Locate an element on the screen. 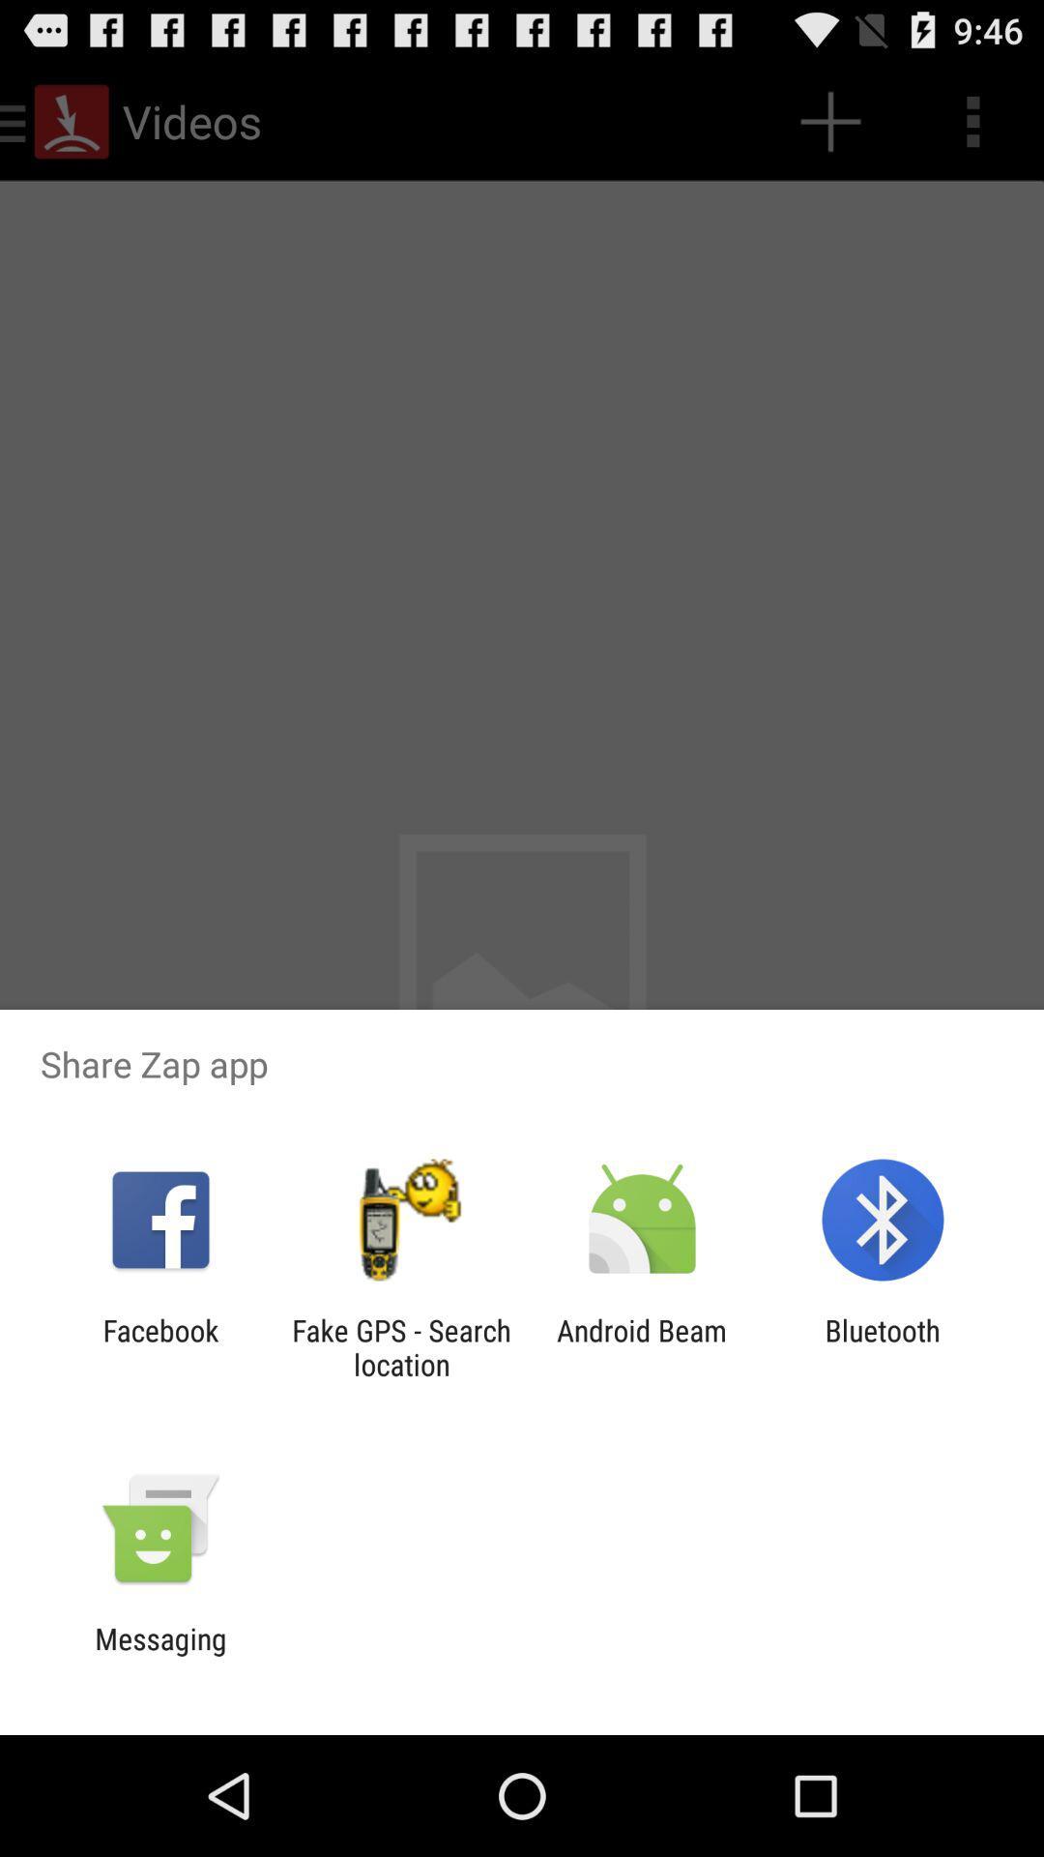  fake gps search icon is located at coordinates (400, 1346).